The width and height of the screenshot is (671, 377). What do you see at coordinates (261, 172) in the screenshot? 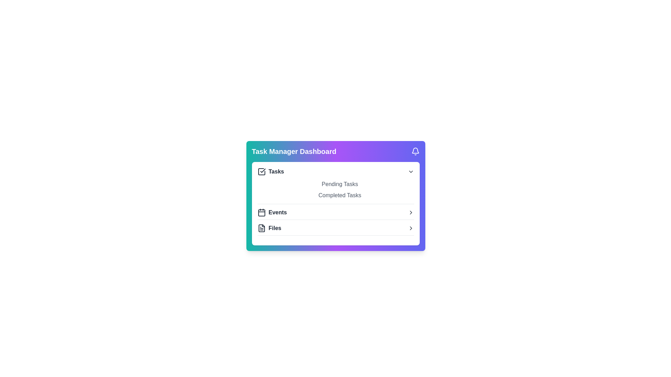
I see `the square checkmark icon with rounded corners located to the left of the 'Tasks' text in the first list item of the menu` at bounding box center [261, 172].